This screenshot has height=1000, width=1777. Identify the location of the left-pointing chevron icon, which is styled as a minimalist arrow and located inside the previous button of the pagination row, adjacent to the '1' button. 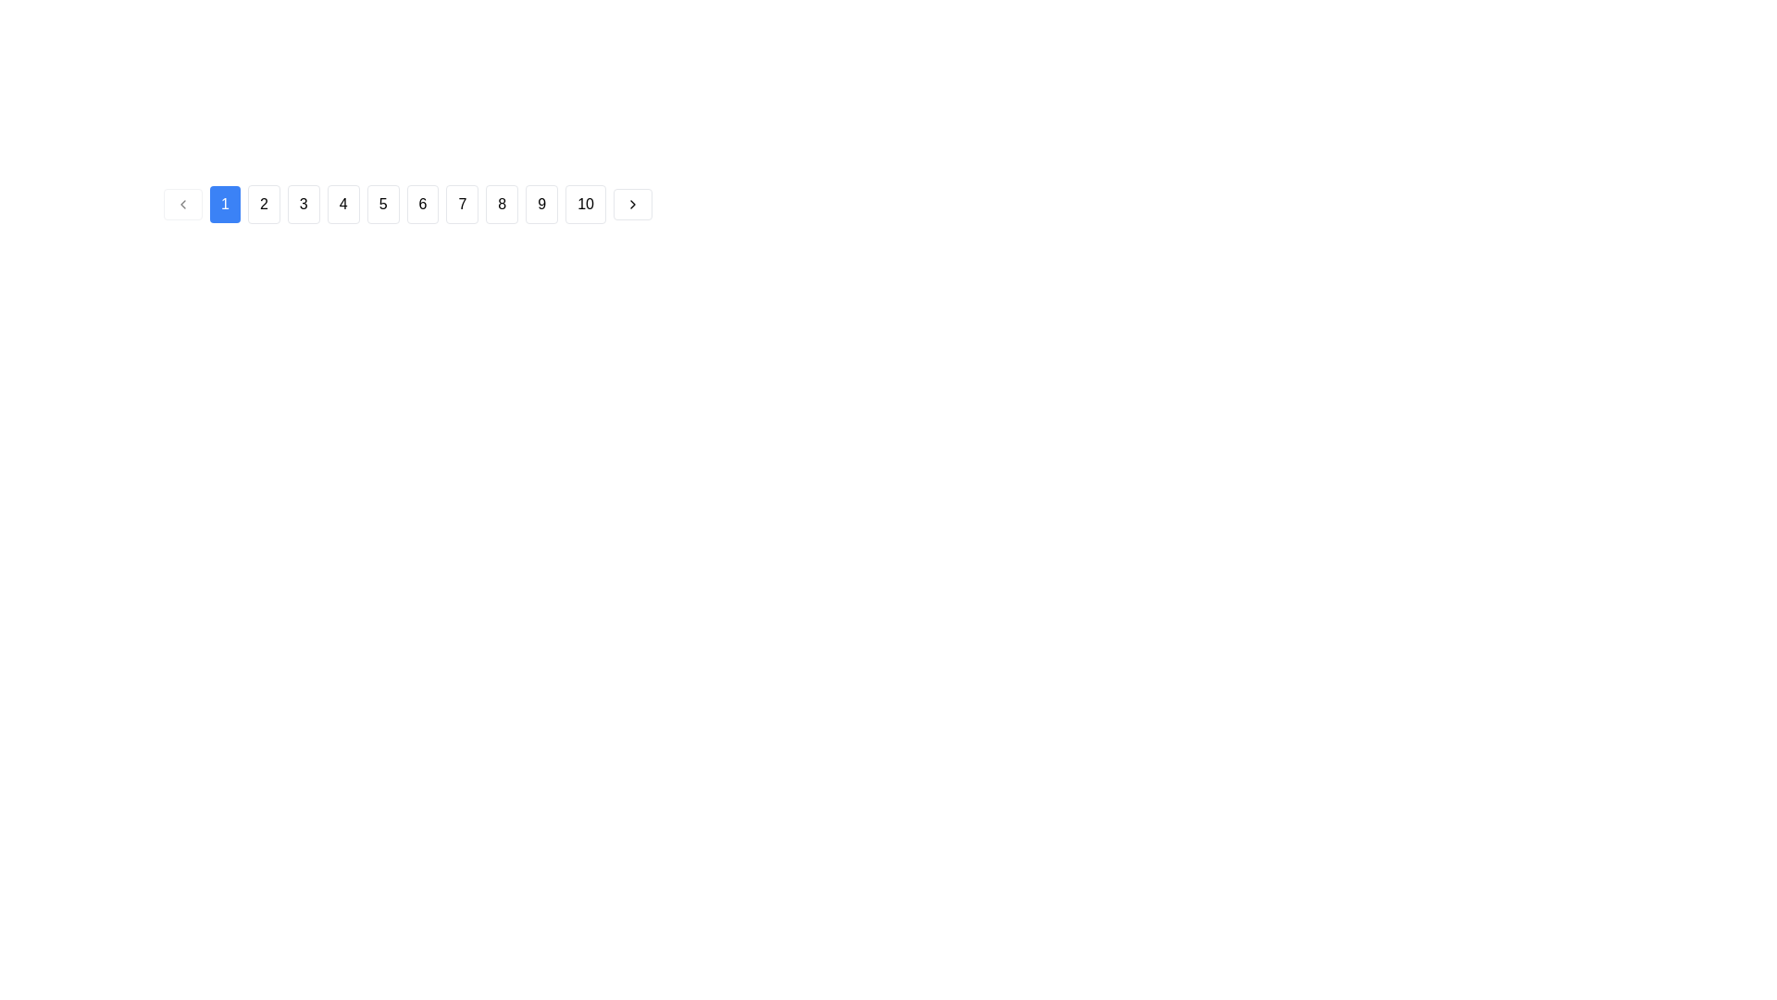
(182, 204).